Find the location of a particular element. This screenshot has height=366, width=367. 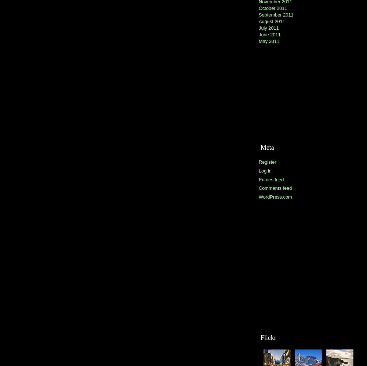

'Log in' is located at coordinates (258, 170).